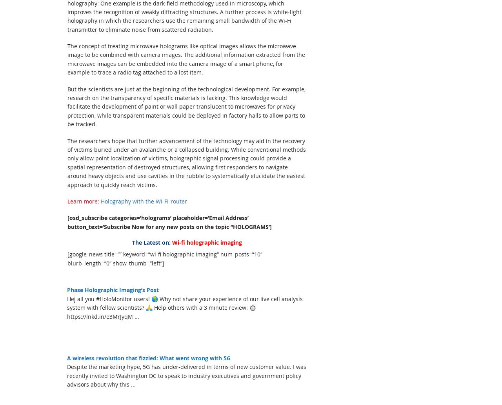  Describe the element at coordinates (186, 375) in the screenshot. I see `'Despite the marketing hype, 5G has under-delivered in terms of new customer value. I was recently invited to Washington DC to speak to industry executives and government policy advisors about why this ...'` at that location.